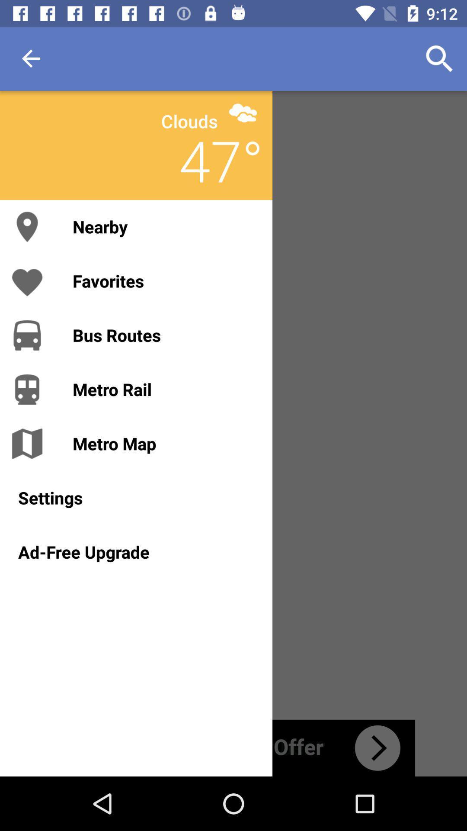 This screenshot has height=831, width=467. Describe the element at coordinates (136, 498) in the screenshot. I see `settings` at that location.